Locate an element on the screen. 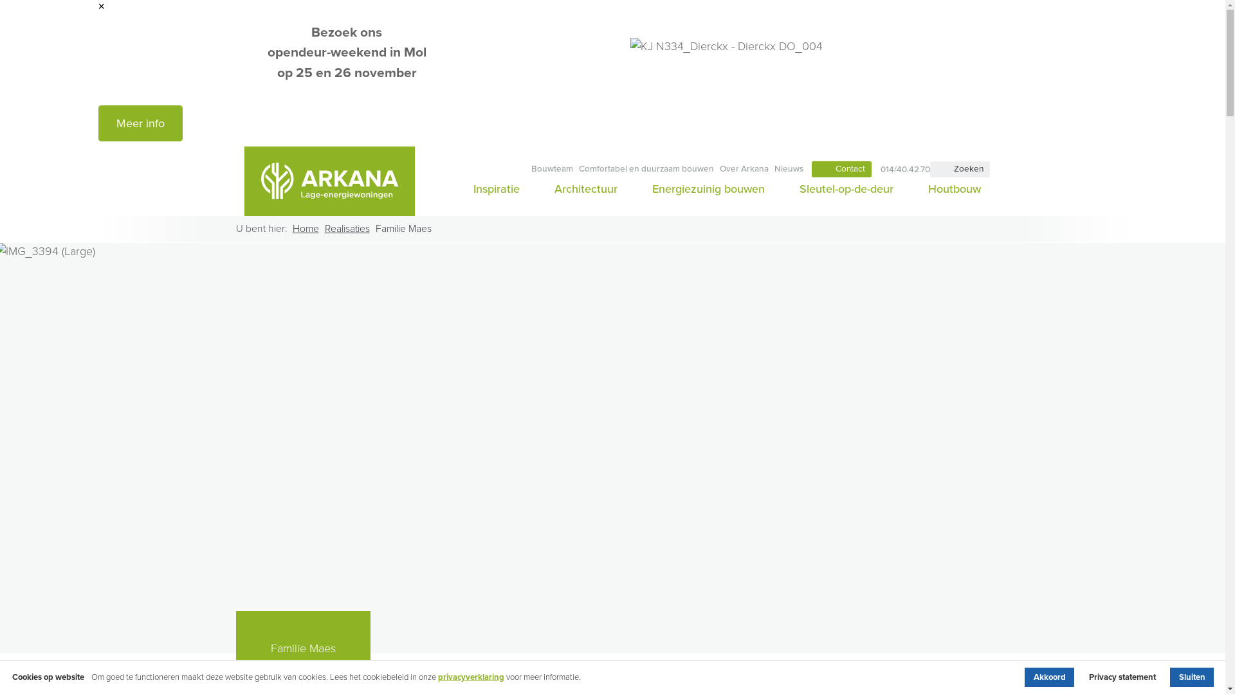 This screenshot has height=694, width=1235. 'Zoeken' is located at coordinates (960, 169).